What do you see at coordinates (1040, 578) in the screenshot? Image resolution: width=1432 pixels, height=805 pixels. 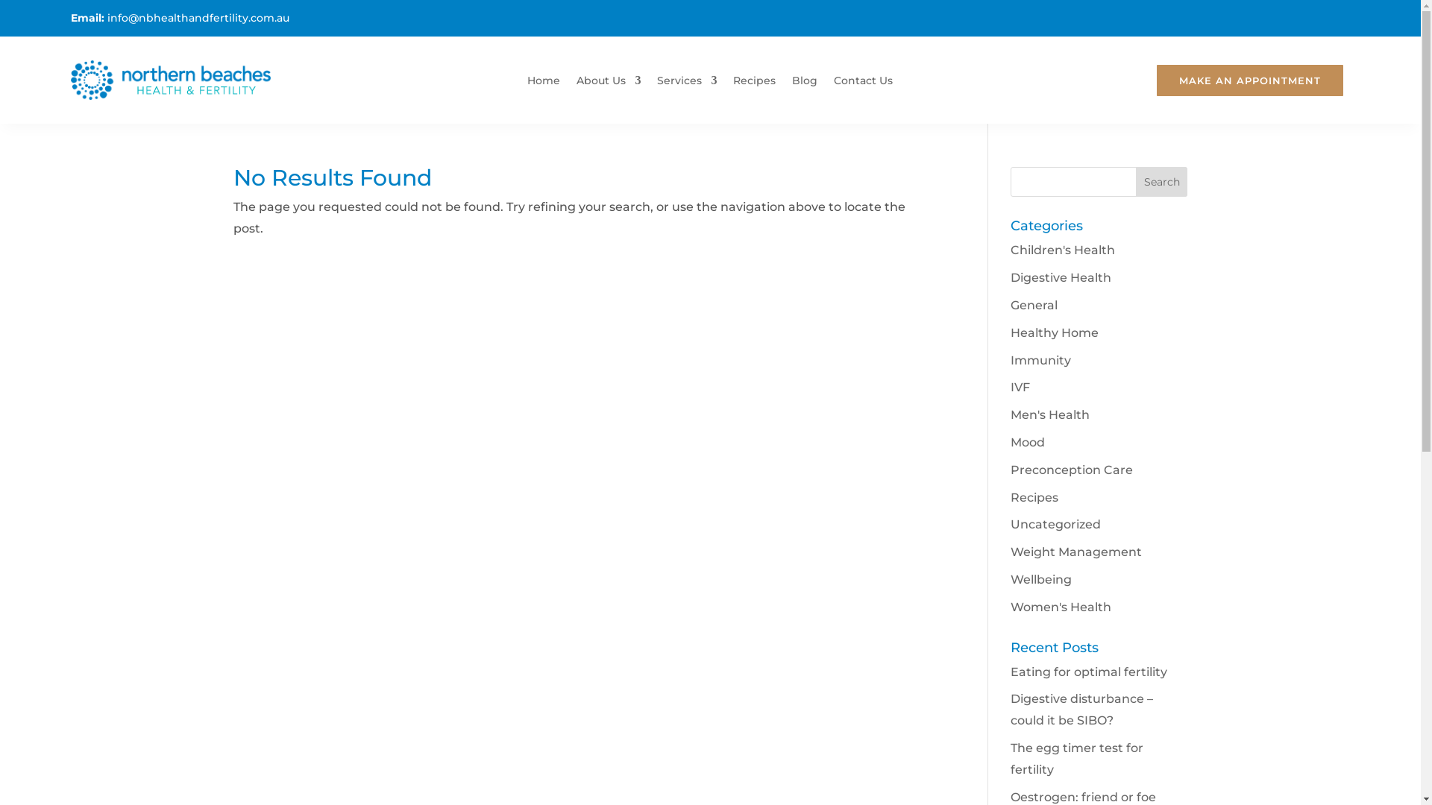 I see `'Wellbeing'` at bounding box center [1040, 578].